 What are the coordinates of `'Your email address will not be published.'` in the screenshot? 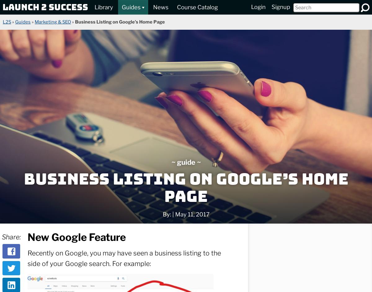 It's located at (67, 186).